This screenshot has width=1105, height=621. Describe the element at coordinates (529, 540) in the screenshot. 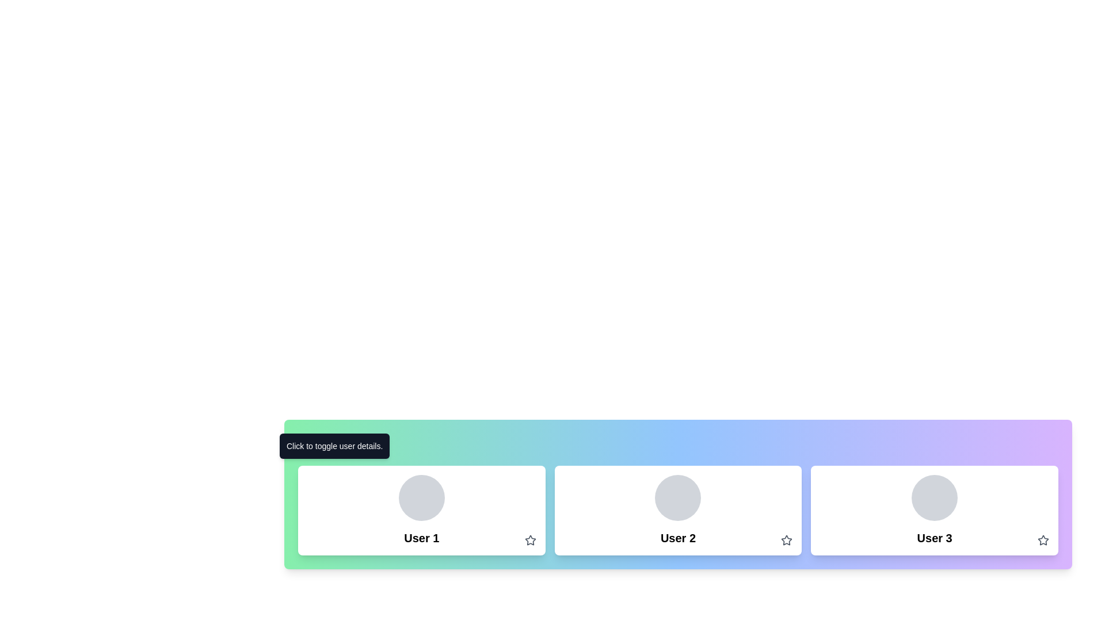

I see `the star icon located in the bottom-right corner of 'User 1's card` at that location.